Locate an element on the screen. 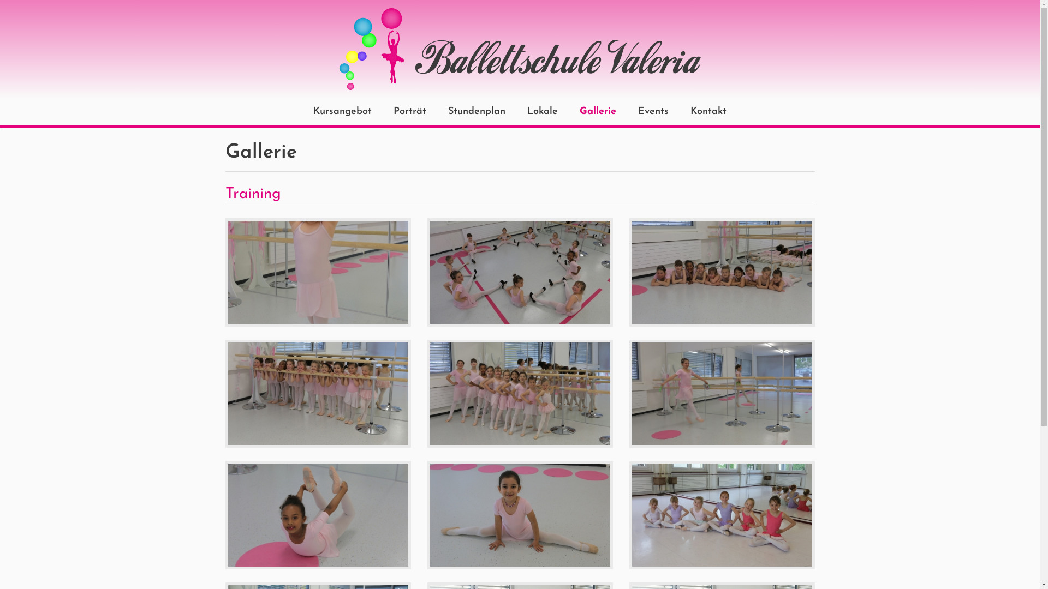 The image size is (1048, 589). 'Kursangebot' is located at coordinates (342, 111).